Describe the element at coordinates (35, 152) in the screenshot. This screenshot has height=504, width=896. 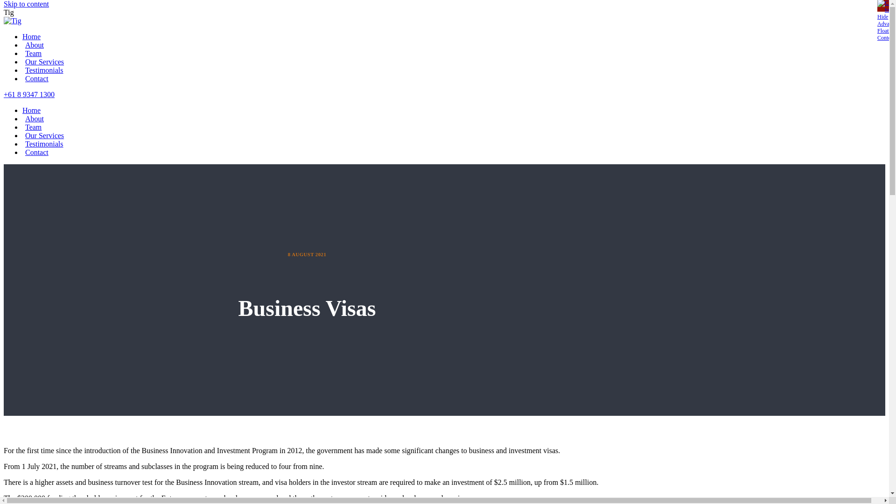
I see `'Contact'` at that location.